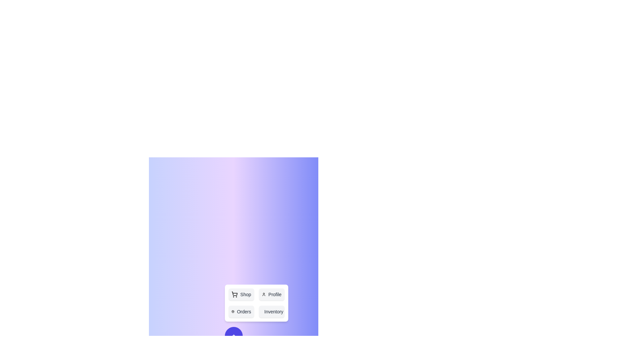 The image size is (634, 357). I want to click on the 'Profile' button, so click(271, 294).